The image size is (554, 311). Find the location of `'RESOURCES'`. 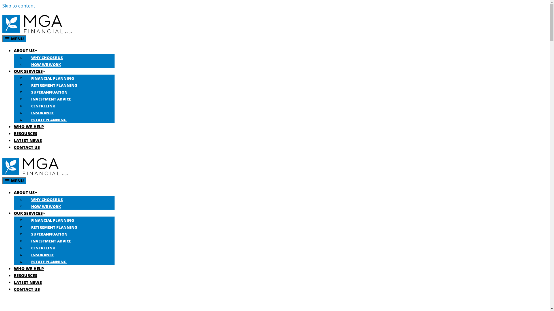

'RESOURCES' is located at coordinates (25, 133).